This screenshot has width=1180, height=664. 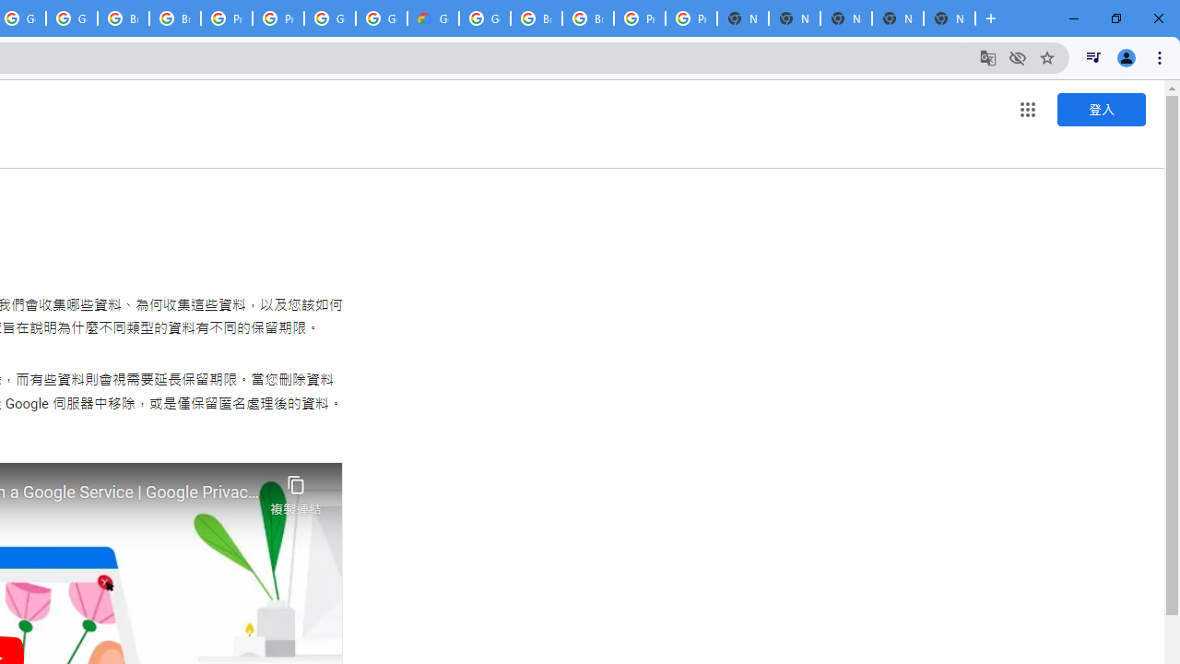 What do you see at coordinates (485, 18) in the screenshot?
I see `'Google Cloud Platform'` at bounding box center [485, 18].